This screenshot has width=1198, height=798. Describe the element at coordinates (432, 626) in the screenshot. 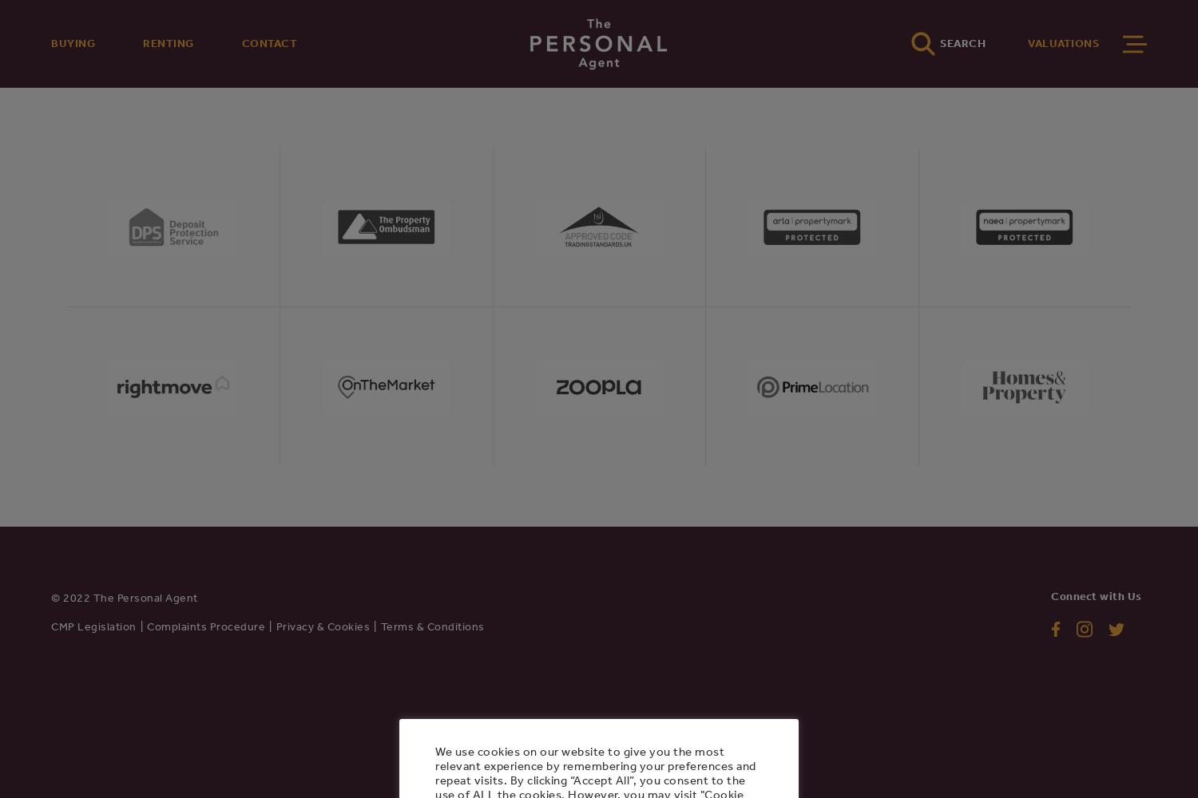

I see `'Terms & Conditions'` at that location.